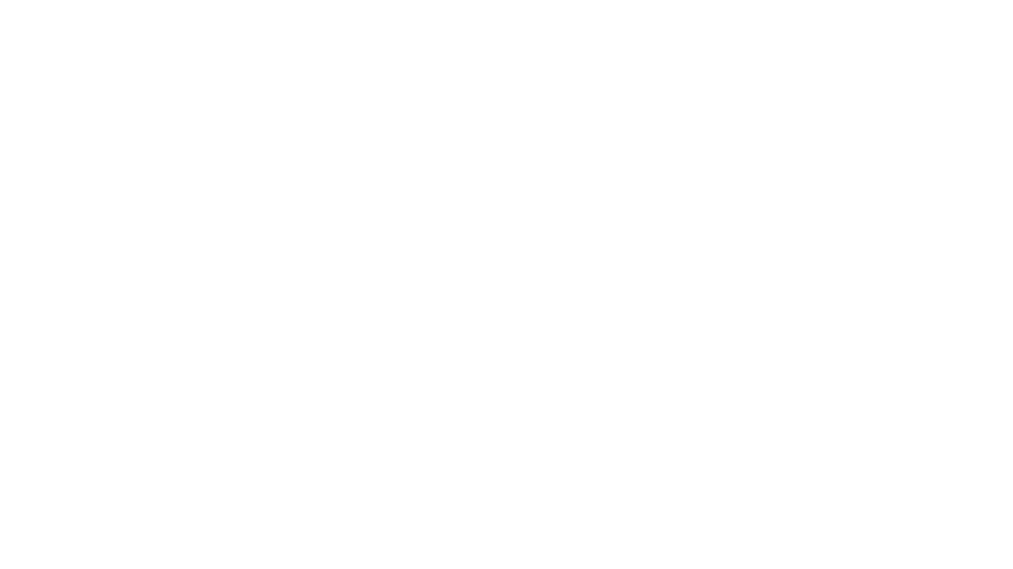 This screenshot has height=569, width=1013. I want to click on Log In, so click(695, 16).